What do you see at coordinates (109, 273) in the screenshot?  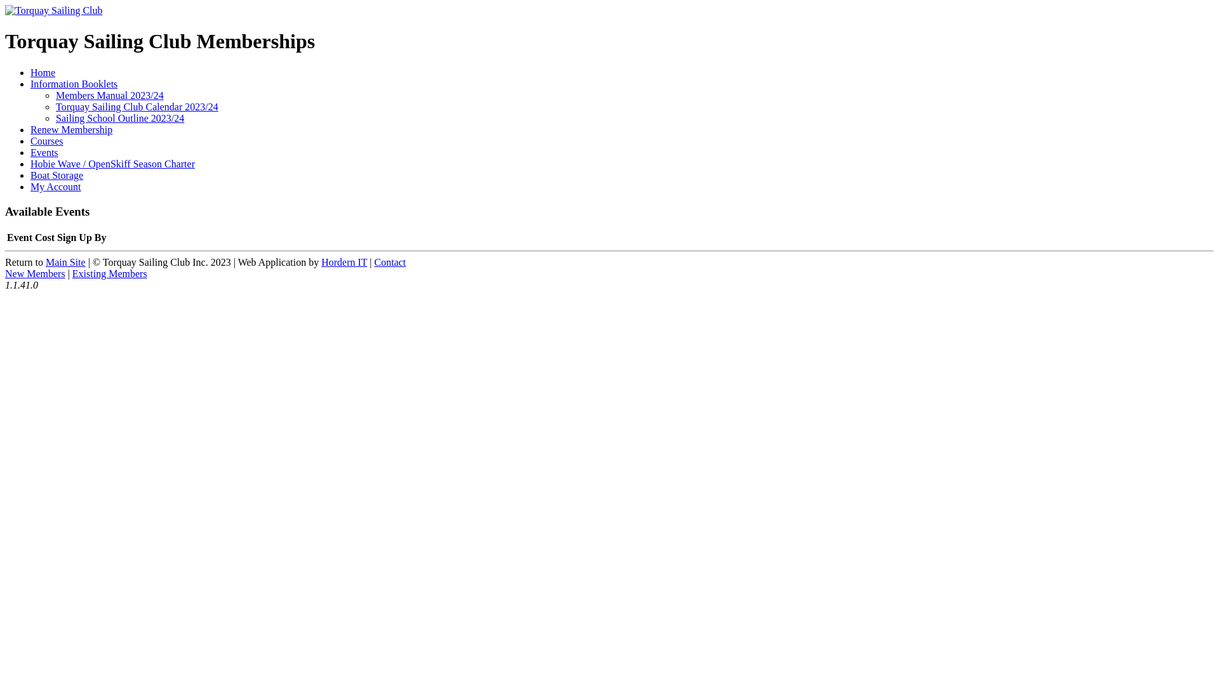 I see `'Existing Members'` at bounding box center [109, 273].